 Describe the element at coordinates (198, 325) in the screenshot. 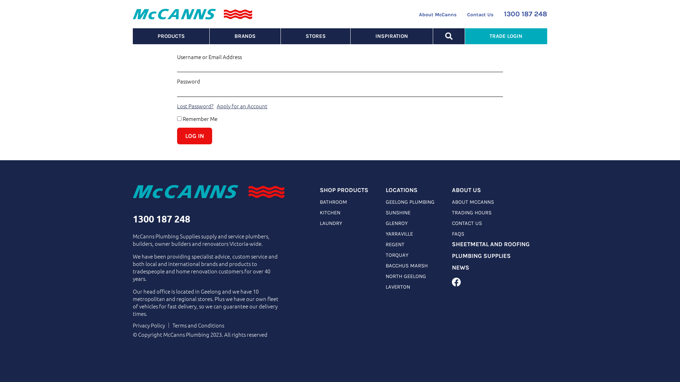

I see `'Terms and Conditions'` at that location.